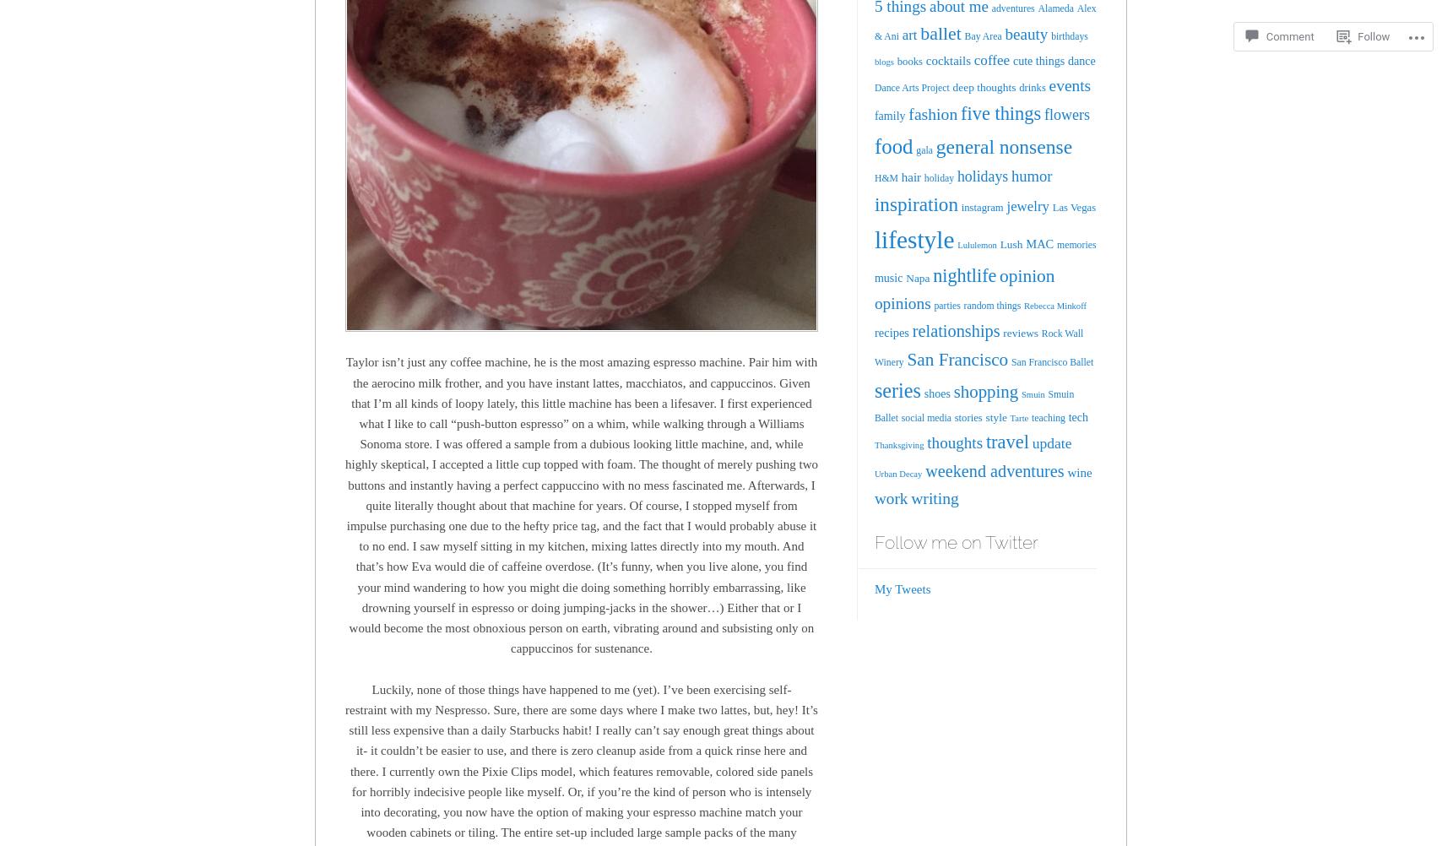 The image size is (1442, 846). What do you see at coordinates (1003, 146) in the screenshot?
I see `'general nonsense'` at bounding box center [1003, 146].